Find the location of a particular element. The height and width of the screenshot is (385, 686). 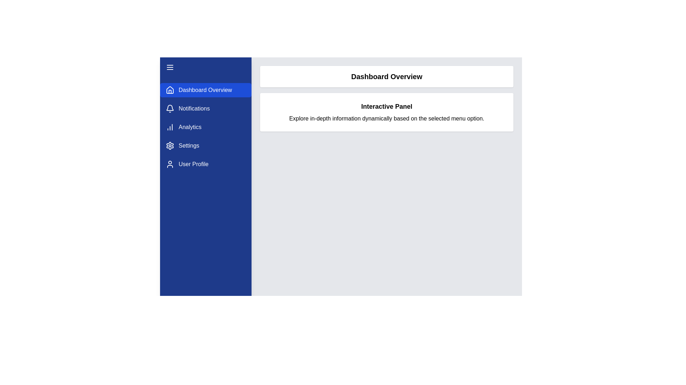

text of the 'Settings' label in the sidebar navigation menu, which is located as the fourth item after 'Analytics' is located at coordinates (189, 145).